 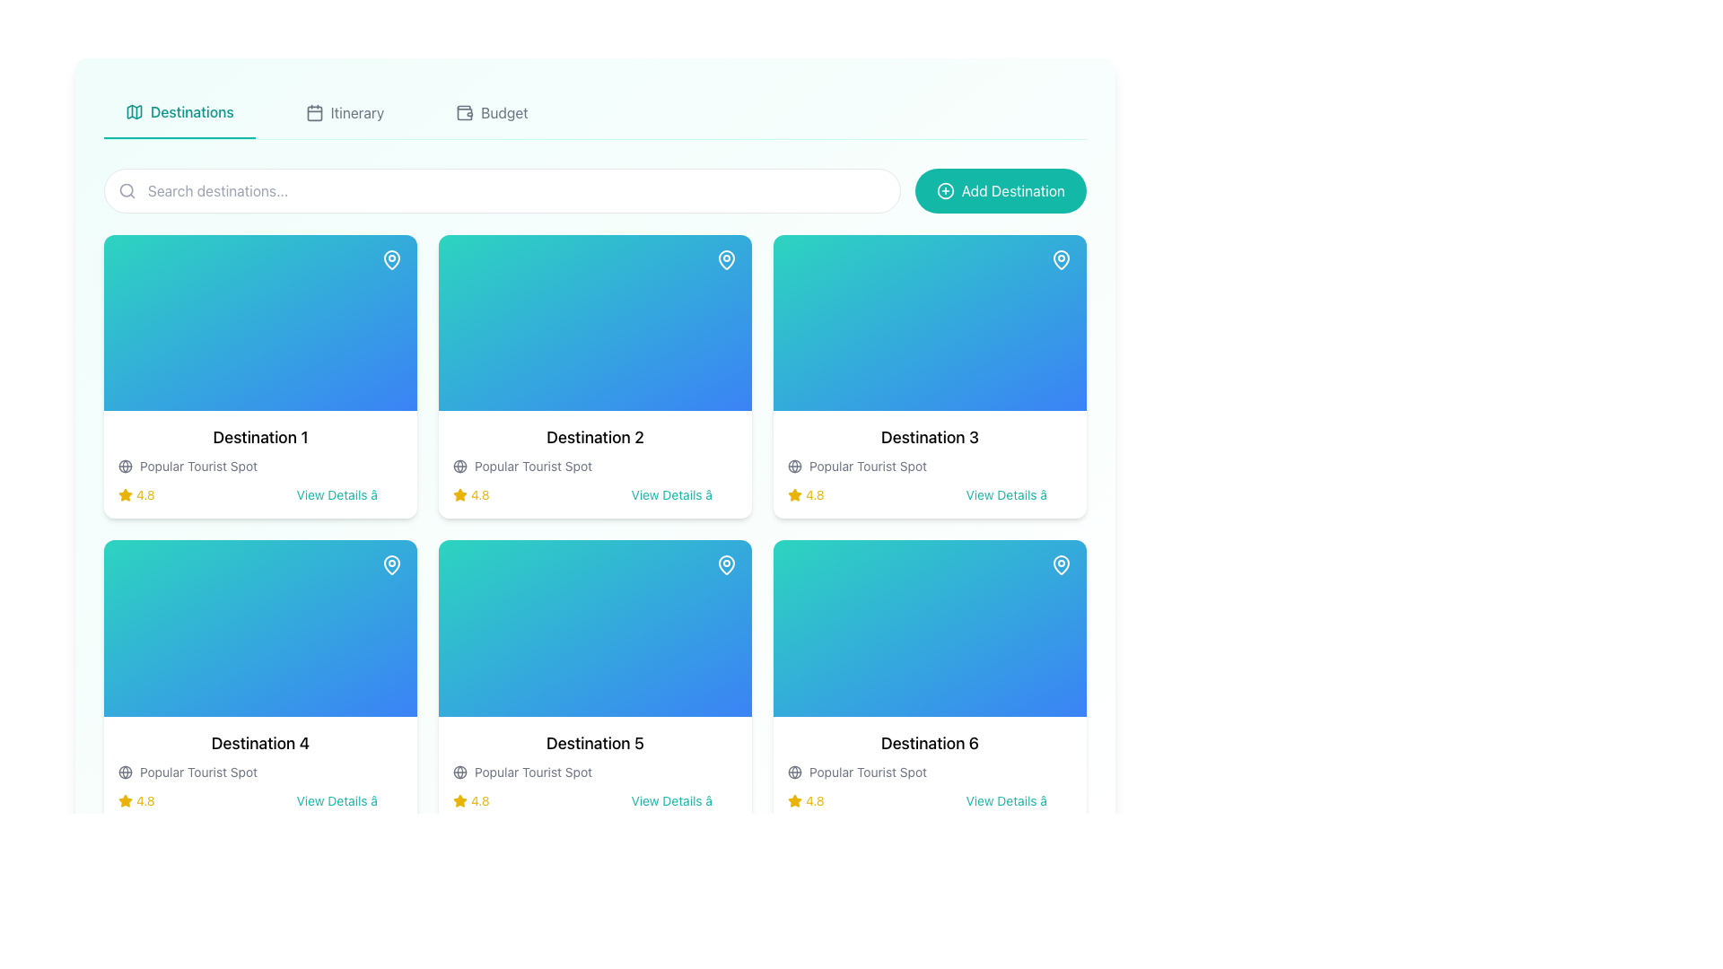 What do you see at coordinates (794, 466) in the screenshot?
I see `the icon that visually represents the 'Popular Tourist Spot' label, located in the bottom section of the 'Destination 3' card, positioned to the left of the text` at bounding box center [794, 466].